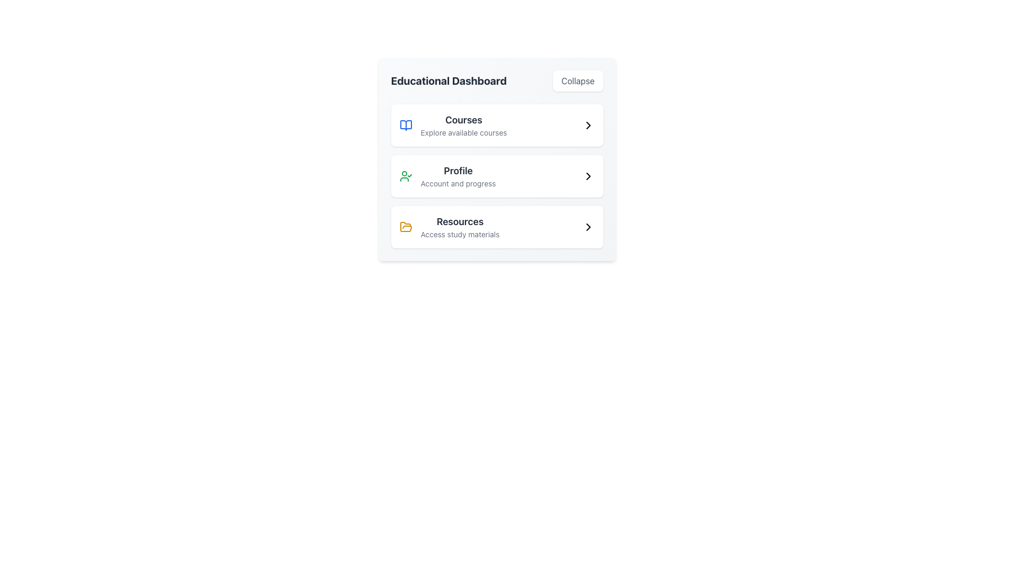 The width and height of the screenshot is (1018, 572). I want to click on the small black chevron-shaped icon pointing to the right, located adjacent to the text 'Courses – Explore available courses' in the Courses card section, so click(587, 124).